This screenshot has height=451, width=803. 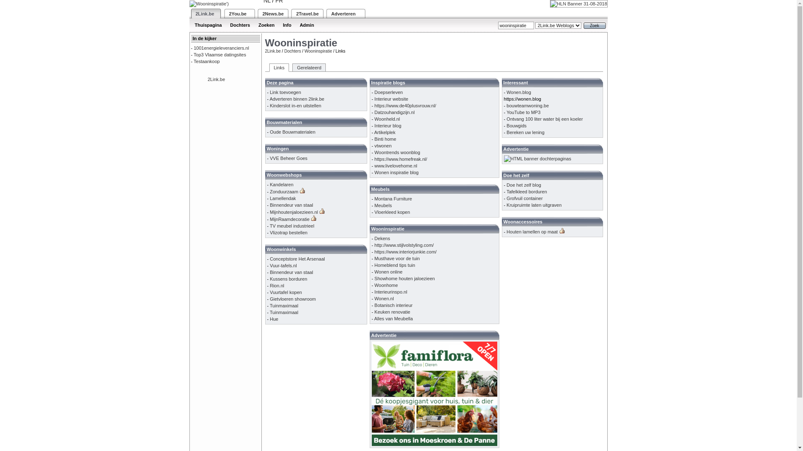 What do you see at coordinates (384, 132) in the screenshot?
I see `'Artikelplek'` at bounding box center [384, 132].